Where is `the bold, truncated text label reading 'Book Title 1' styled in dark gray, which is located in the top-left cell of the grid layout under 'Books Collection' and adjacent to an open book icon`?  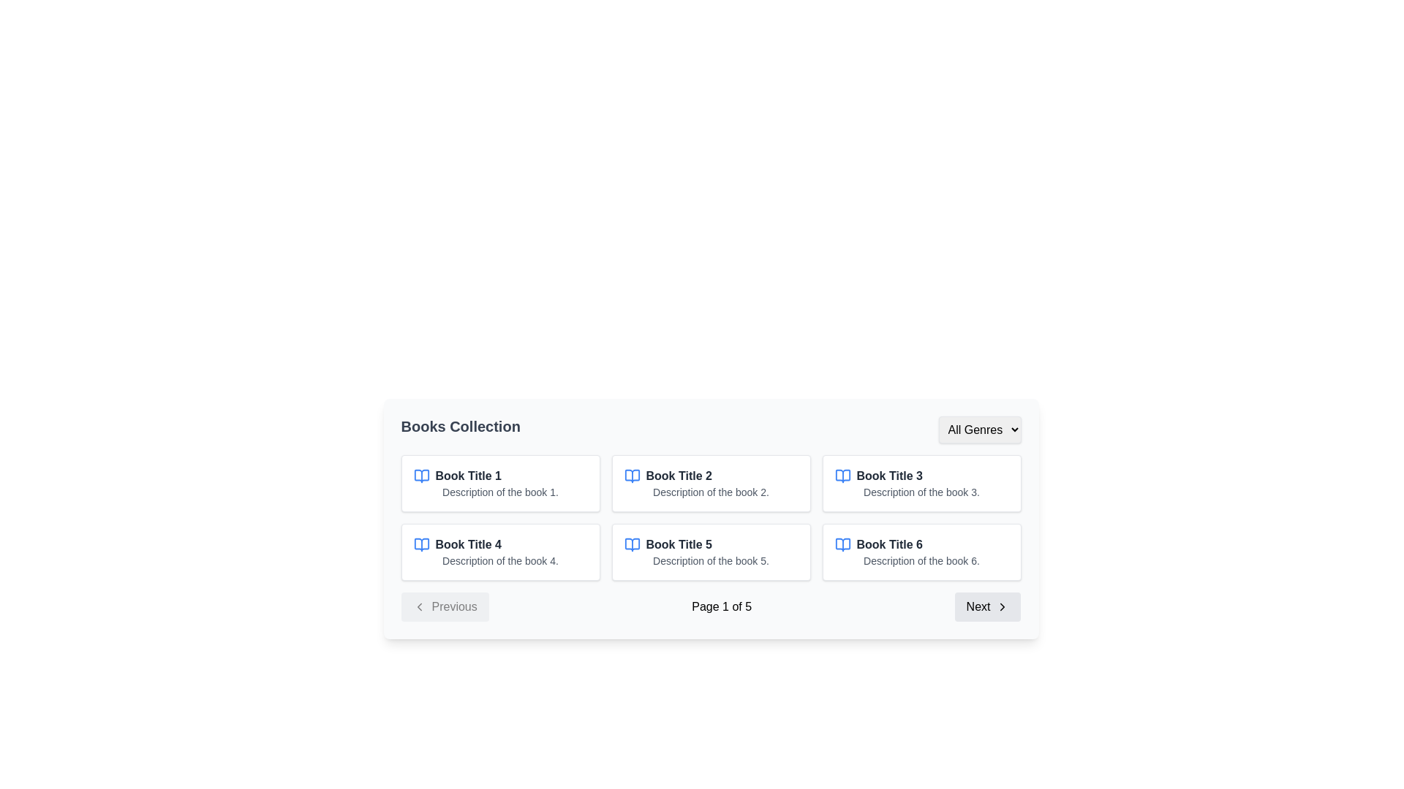 the bold, truncated text label reading 'Book Title 1' styled in dark gray, which is located in the top-left cell of the grid layout under 'Books Collection' and adjacent to an open book icon is located at coordinates (468, 476).